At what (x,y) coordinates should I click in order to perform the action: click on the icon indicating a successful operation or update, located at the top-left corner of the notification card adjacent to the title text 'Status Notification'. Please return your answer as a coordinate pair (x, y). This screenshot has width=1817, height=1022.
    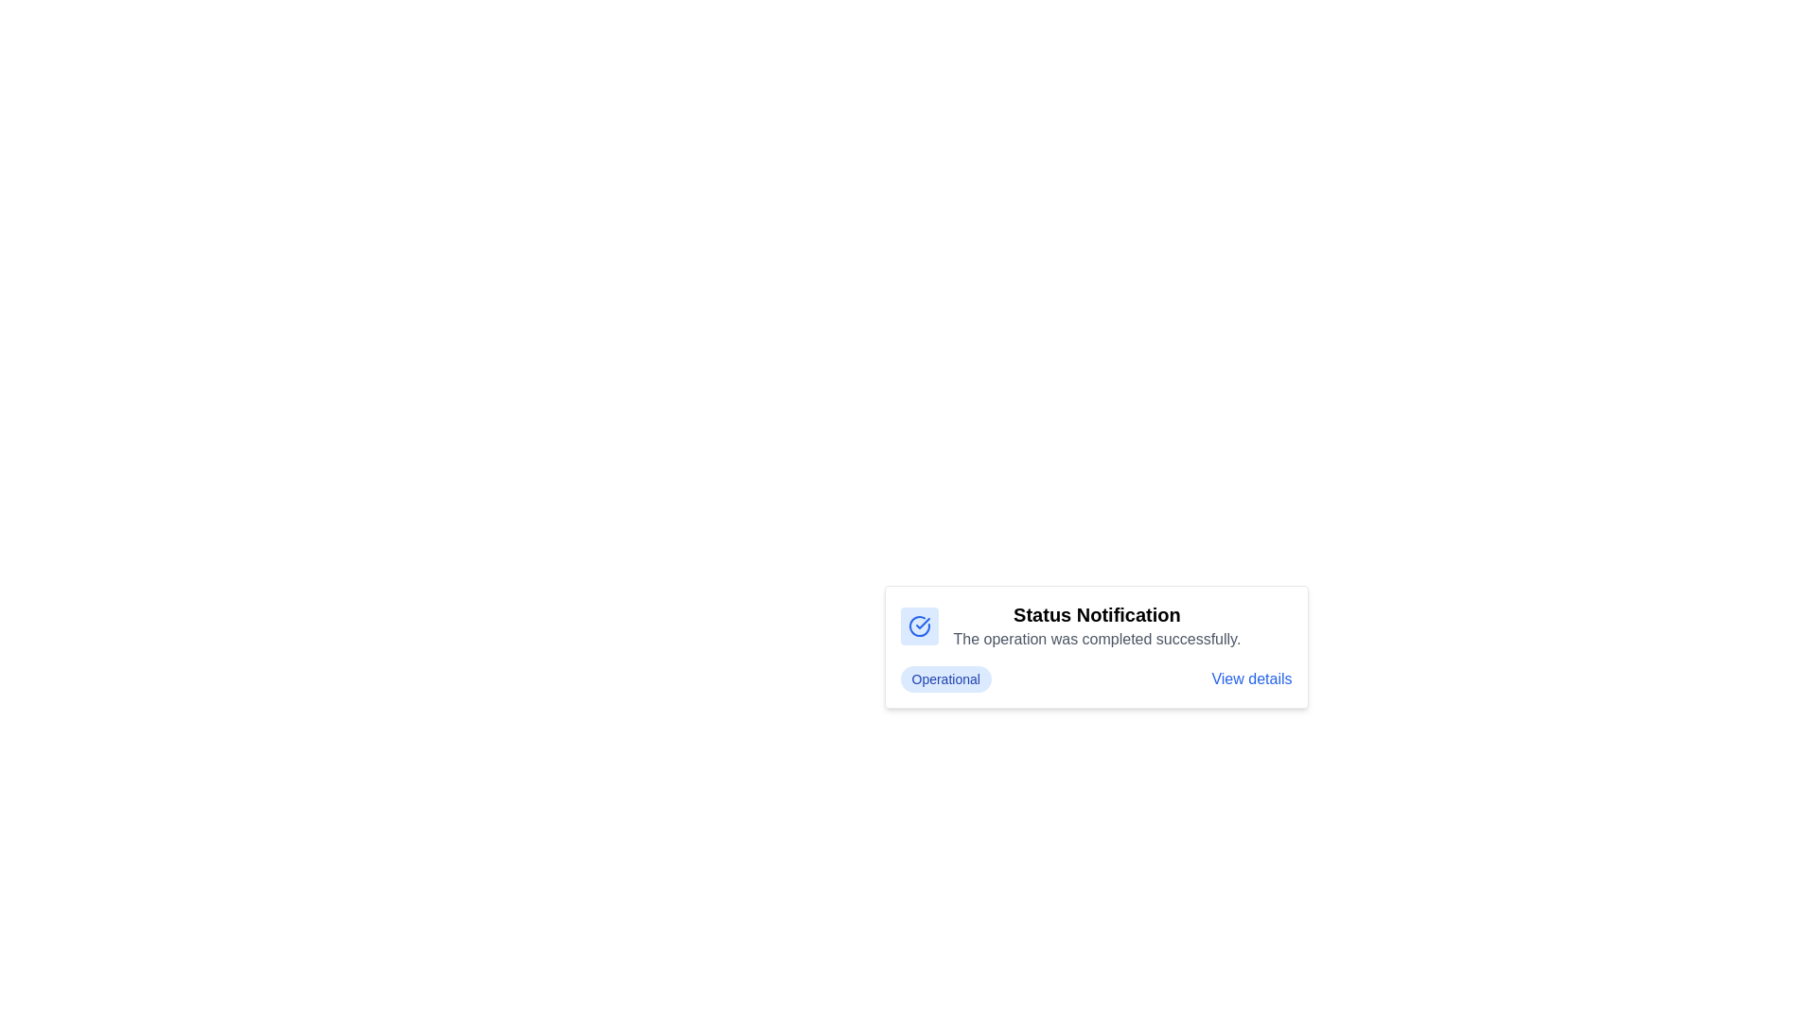
    Looking at the image, I should click on (919, 626).